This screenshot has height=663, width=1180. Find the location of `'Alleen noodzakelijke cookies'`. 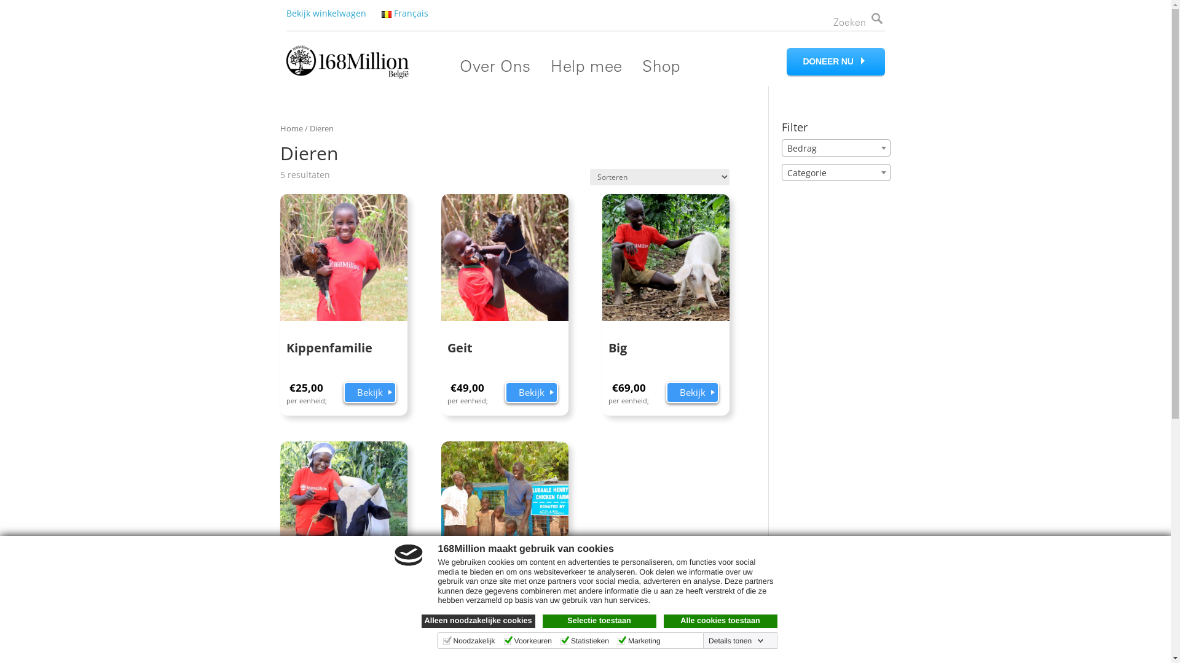

'Alleen noodzakelijke cookies' is located at coordinates (478, 621).